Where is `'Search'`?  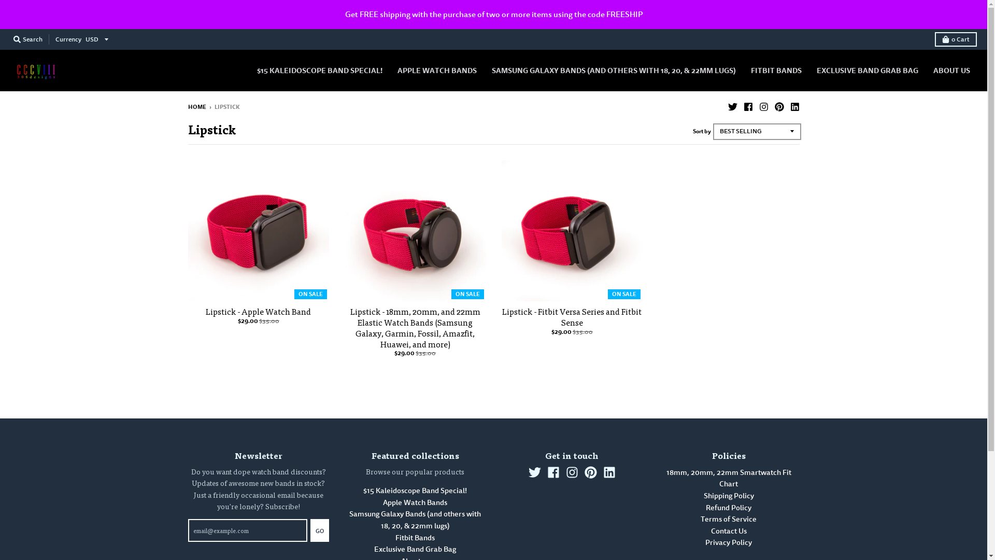
'Search' is located at coordinates (10, 39).